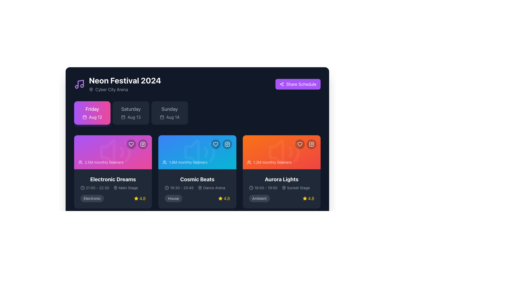 The image size is (510, 287). What do you see at coordinates (125, 81) in the screenshot?
I see `text element that displays 'Neon Festival 2024', which is bold and enlarged in white against a dark navy background` at bounding box center [125, 81].